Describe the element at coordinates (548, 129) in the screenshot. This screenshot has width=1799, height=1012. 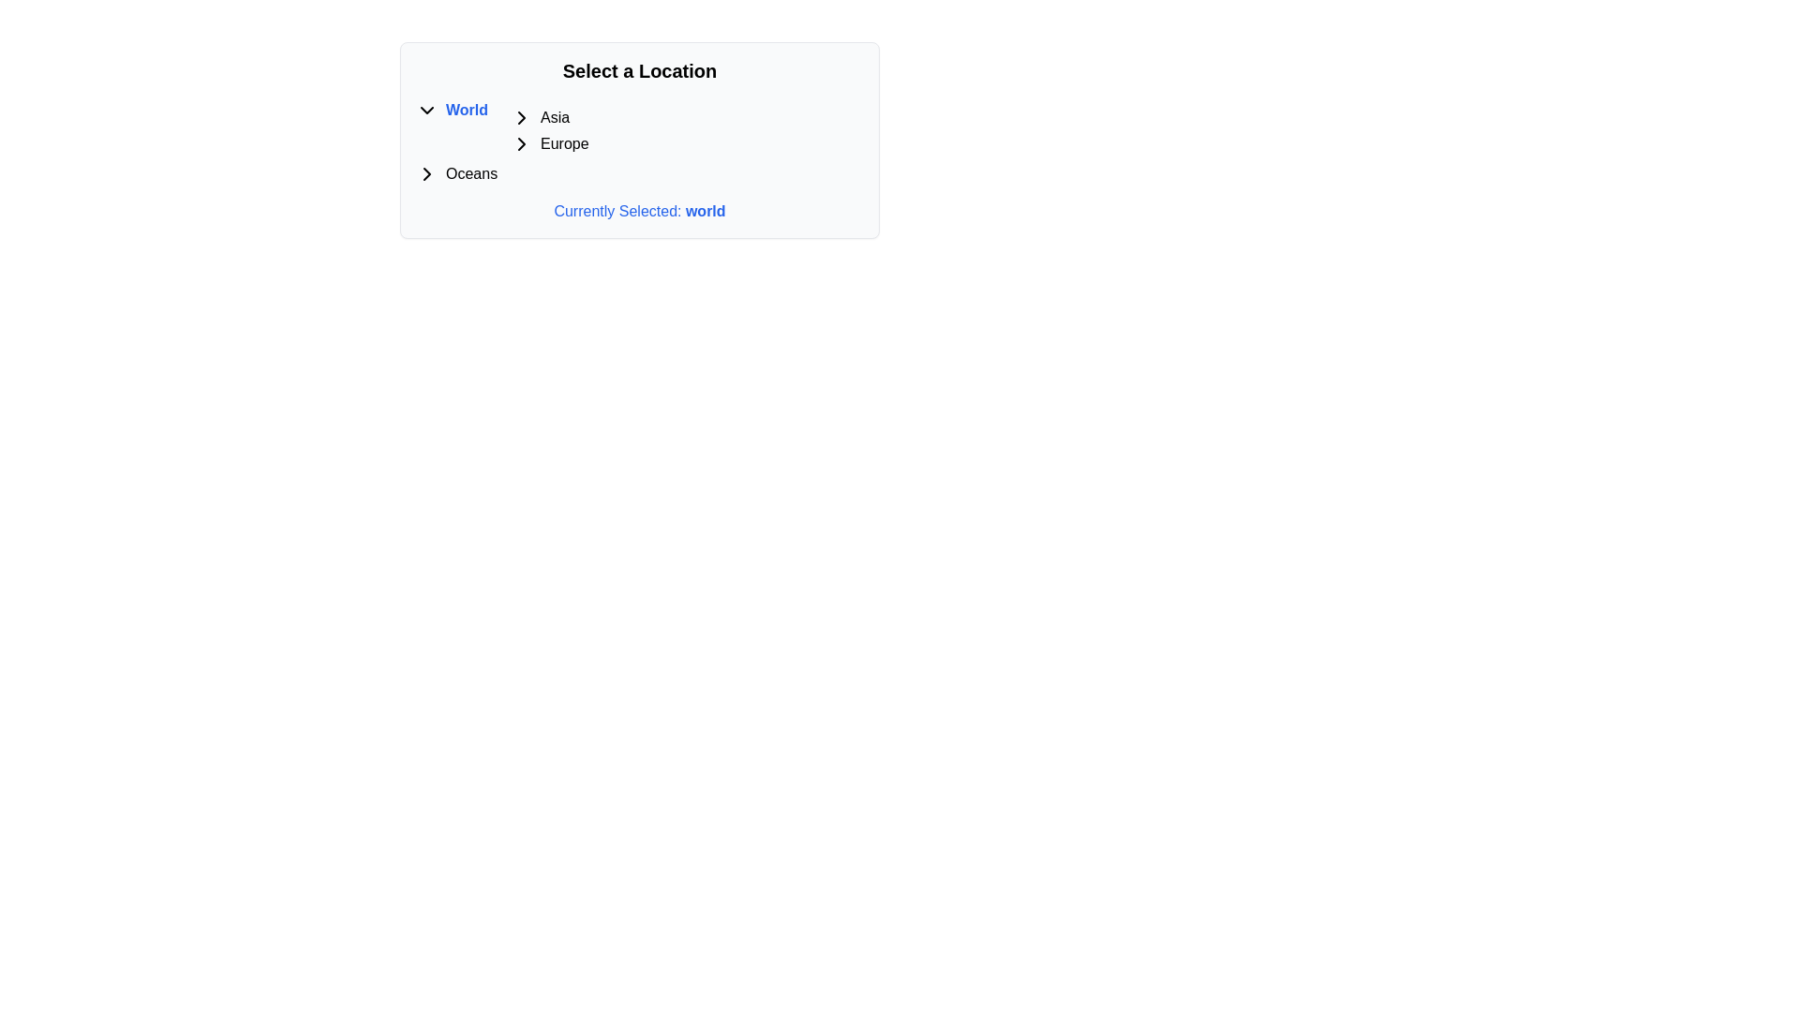
I see `the Dropdown menu list with items, which includes 'Asia' and 'Europe', located under the 'Select a Location' heading in the 'World' submenu` at that location.